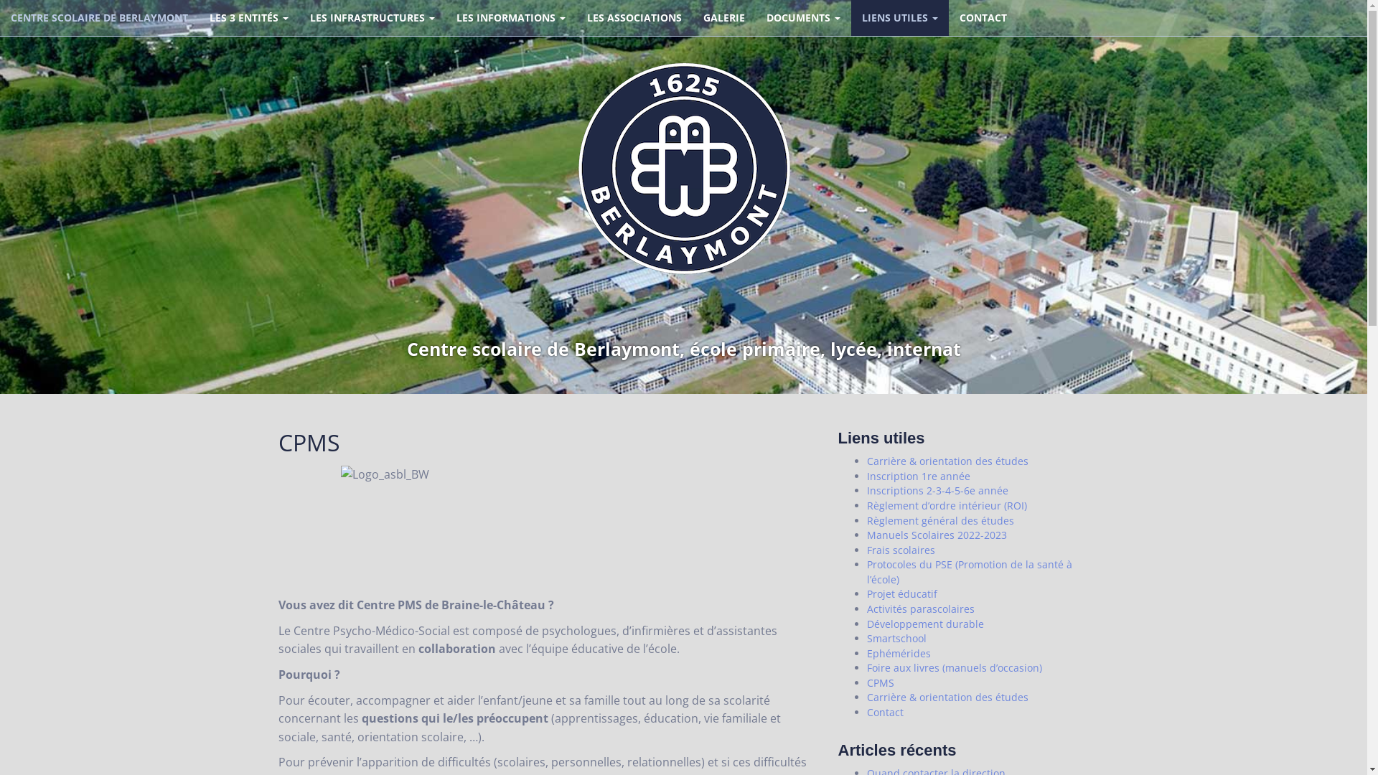 This screenshot has height=775, width=1378. Describe the element at coordinates (937, 535) in the screenshot. I see `'Manuels Scolaires 2022-2023'` at that location.